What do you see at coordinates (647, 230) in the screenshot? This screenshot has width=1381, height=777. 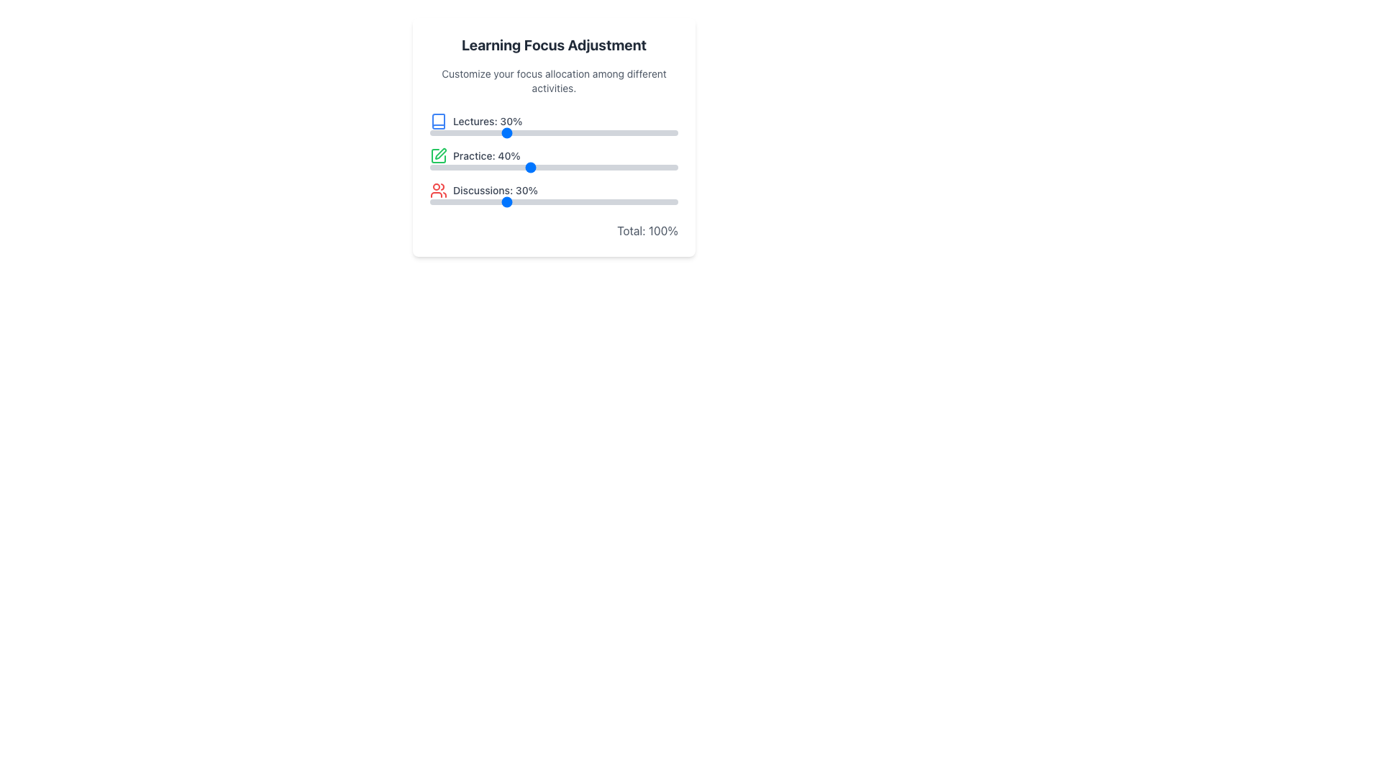 I see `displayed text from the Text Label that shows the cumulative total percentage of distributed values, located at the bottom-right of the card` at bounding box center [647, 230].